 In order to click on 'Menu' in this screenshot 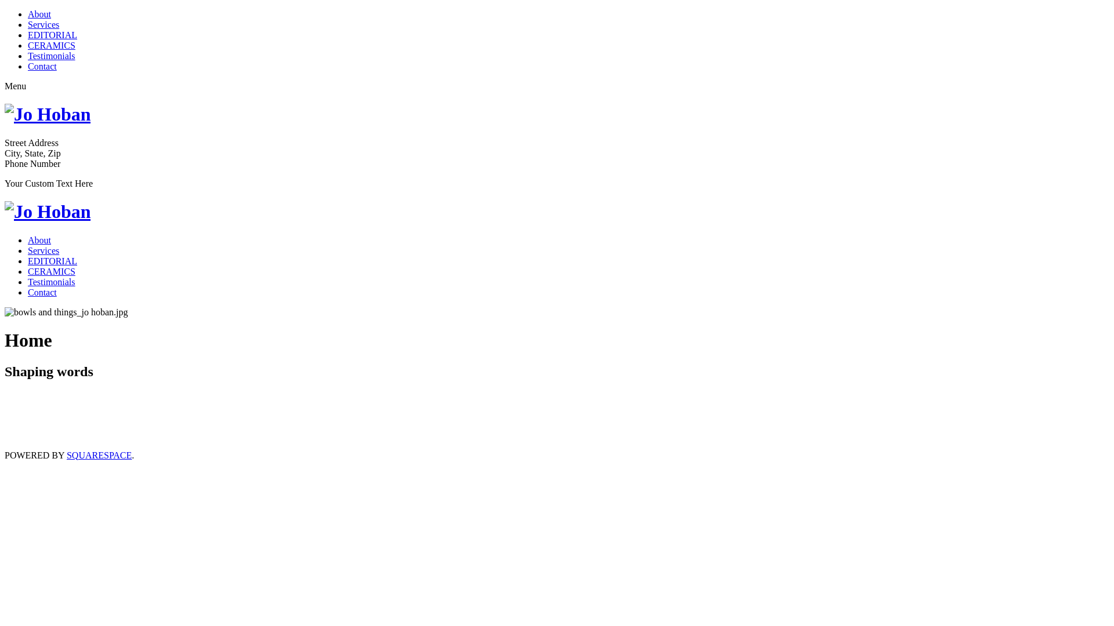, I will do `click(15, 85)`.